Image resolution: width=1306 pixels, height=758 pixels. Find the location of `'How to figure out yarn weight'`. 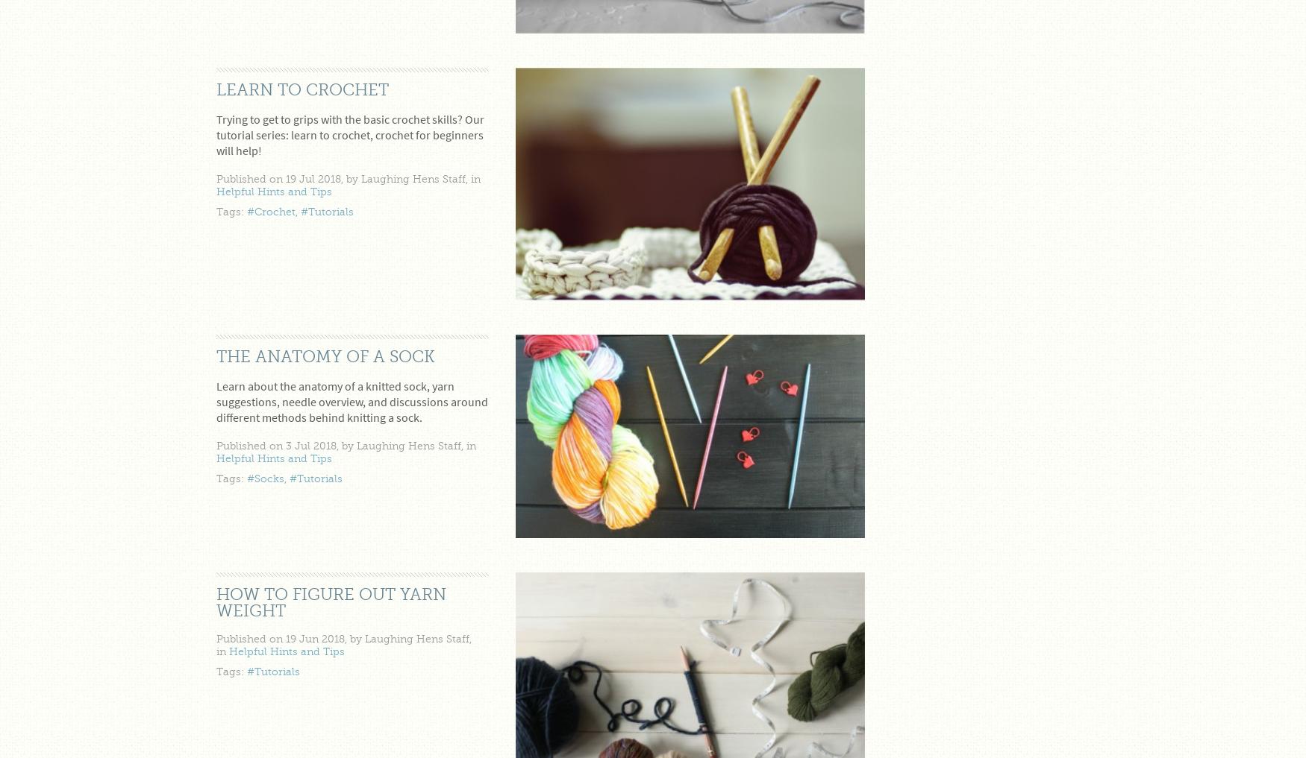

'How to figure out yarn weight' is located at coordinates (331, 601).